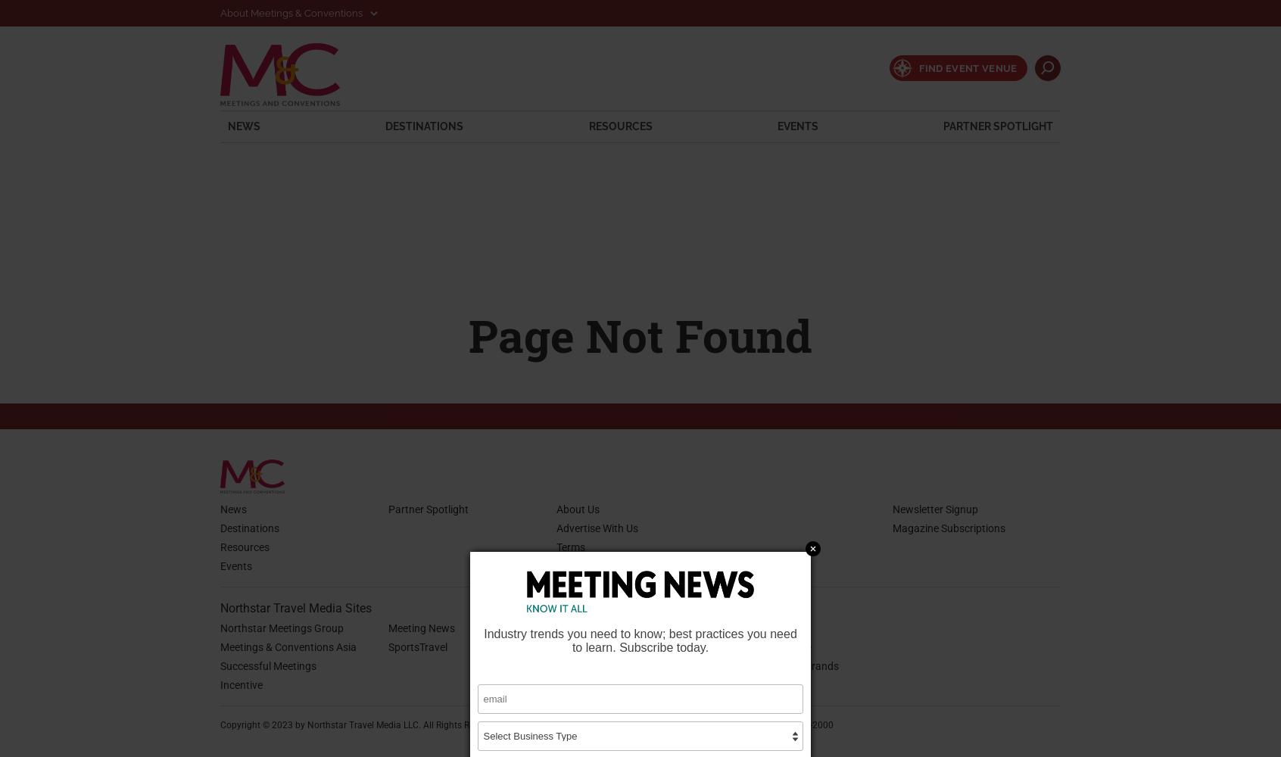 The image size is (1281, 757). I want to click on 'Northstar Meetings Group', so click(282, 627).